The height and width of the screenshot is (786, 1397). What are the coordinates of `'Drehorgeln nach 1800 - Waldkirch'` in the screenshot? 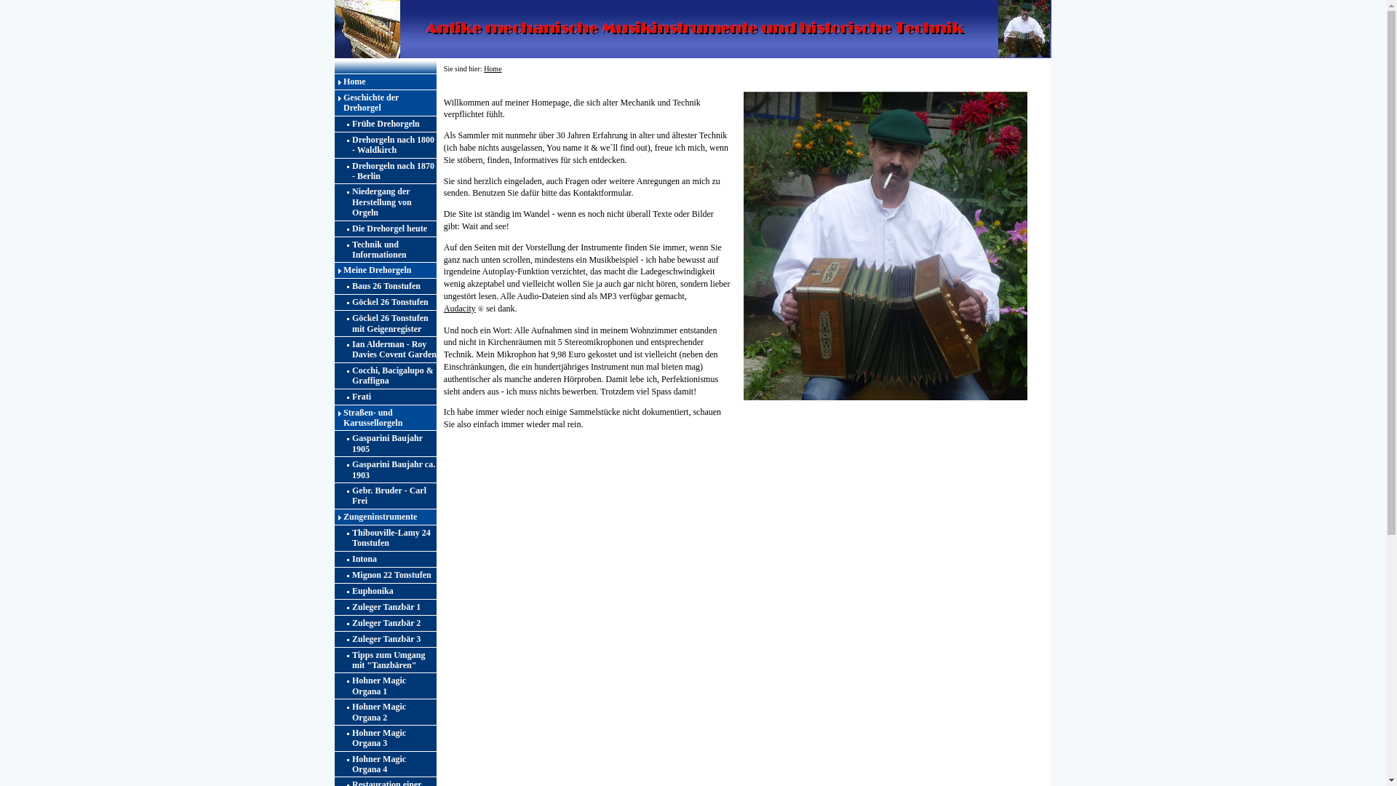 It's located at (385, 145).